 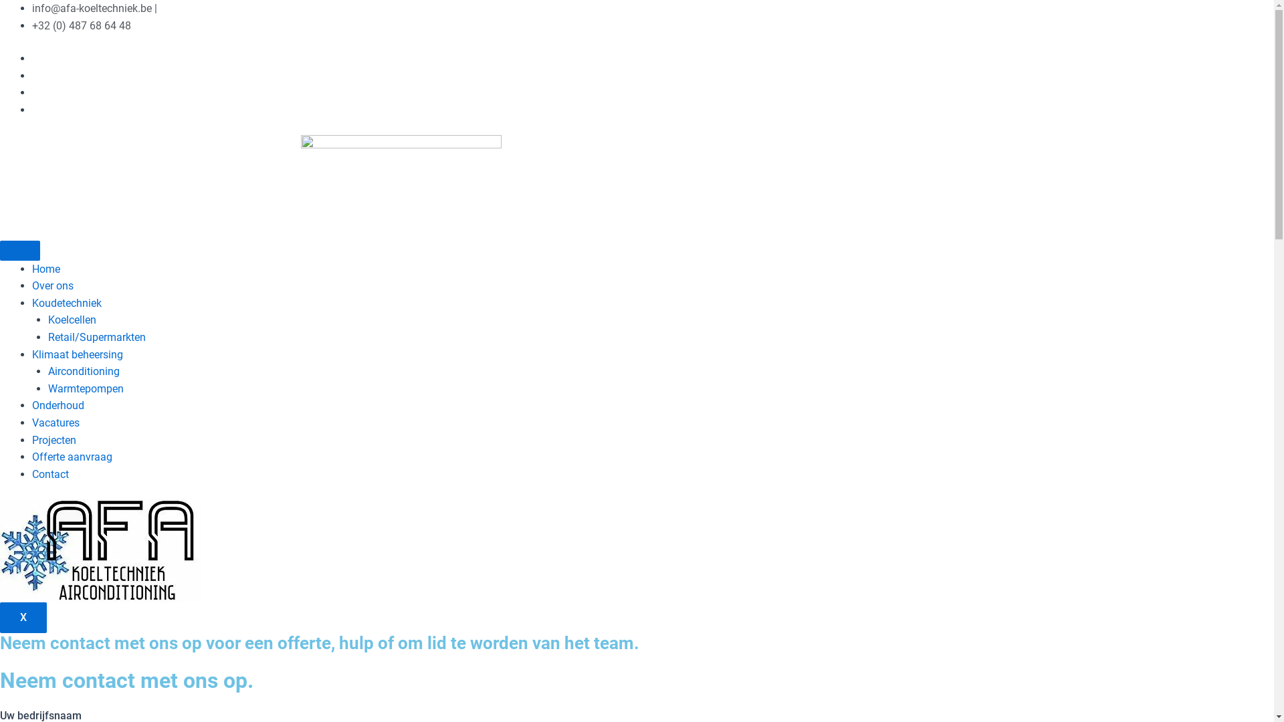 What do you see at coordinates (71, 320) in the screenshot?
I see `'Koelcellen'` at bounding box center [71, 320].